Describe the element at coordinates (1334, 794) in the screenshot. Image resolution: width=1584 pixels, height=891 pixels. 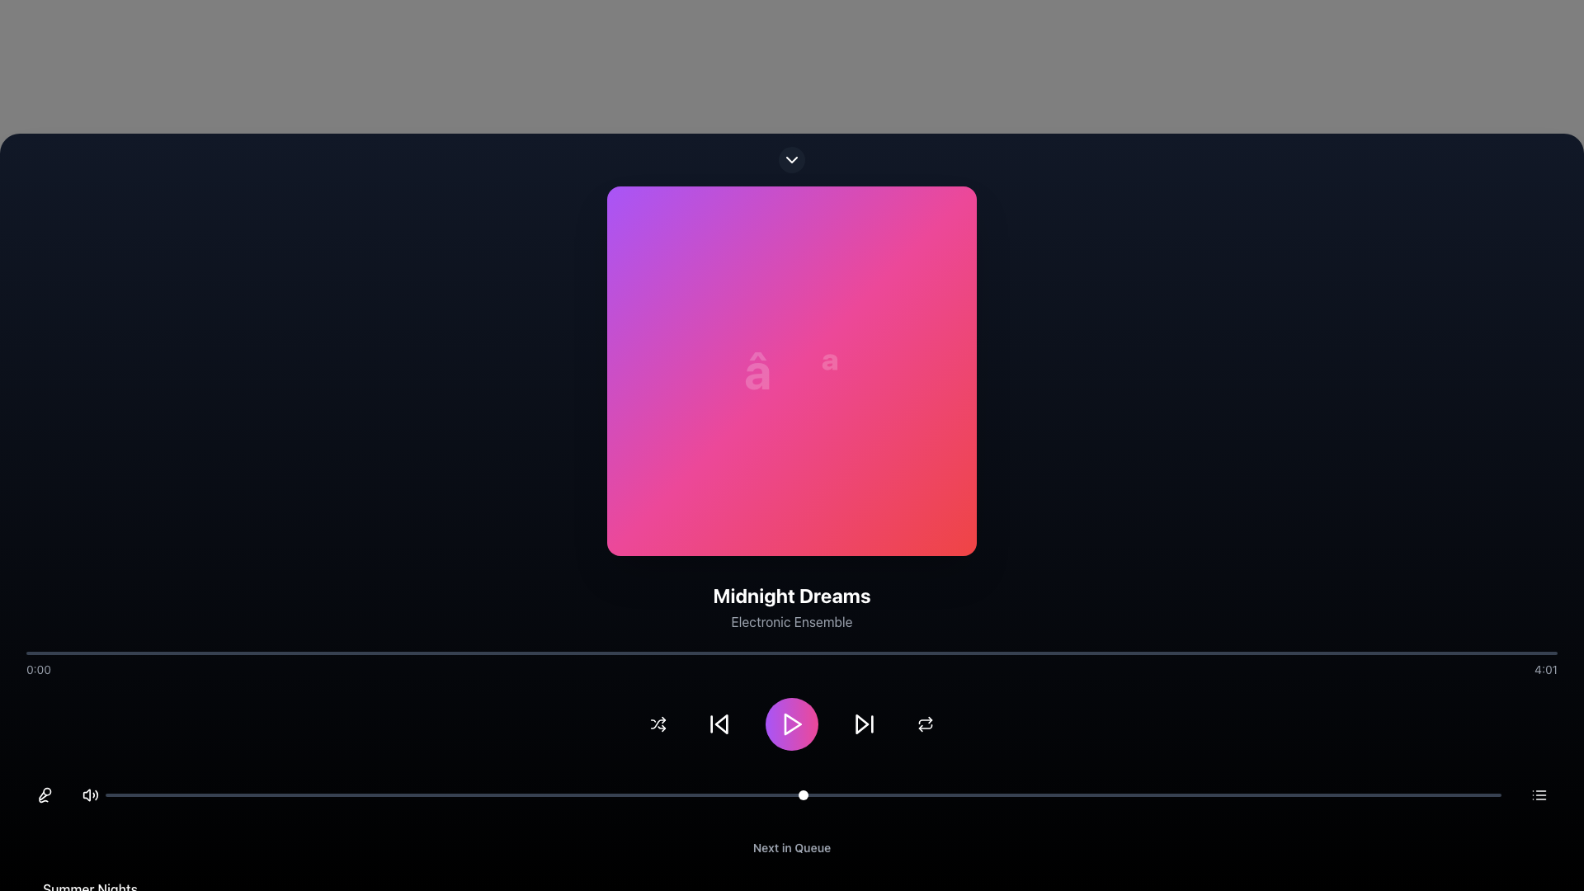
I see `the timeline position` at that location.